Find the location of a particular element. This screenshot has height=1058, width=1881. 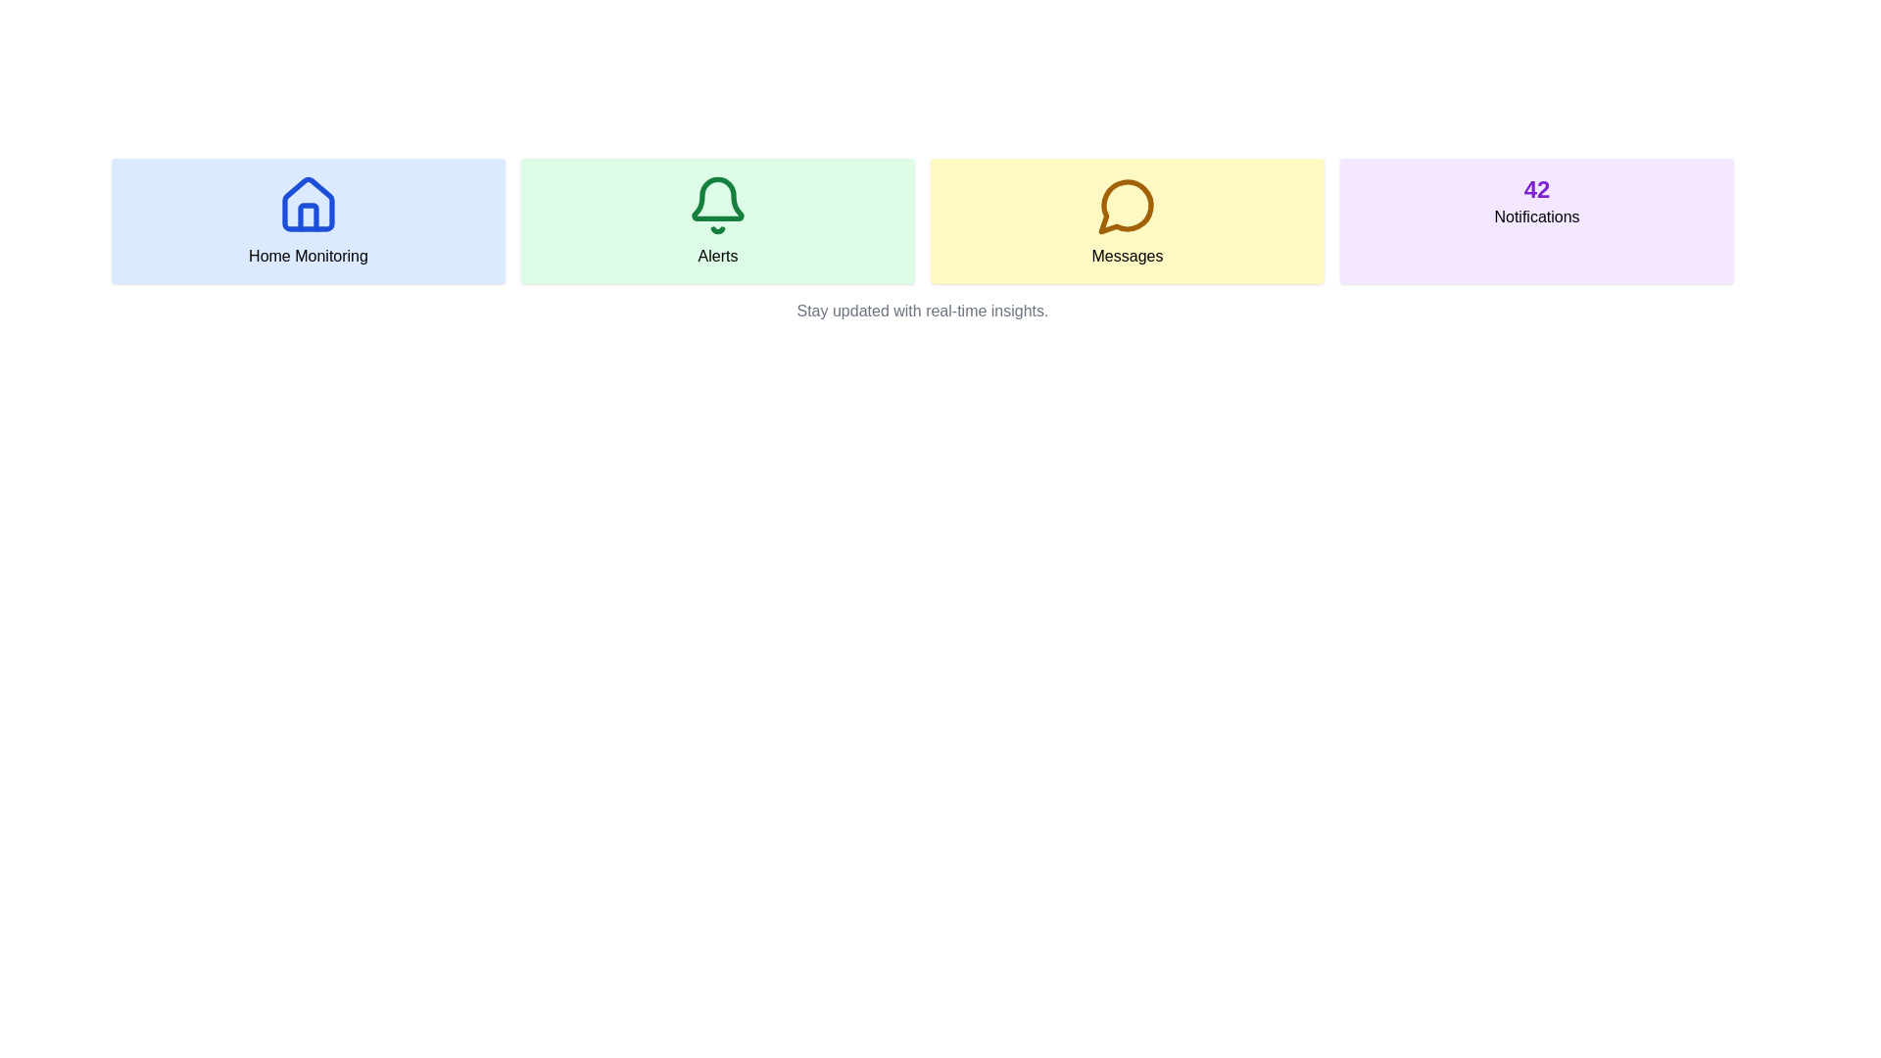

the empty vertical rectangle outline located in the middle of the blue house icon, which is part of the 'Home Monitoring' section is located at coordinates (308, 217).